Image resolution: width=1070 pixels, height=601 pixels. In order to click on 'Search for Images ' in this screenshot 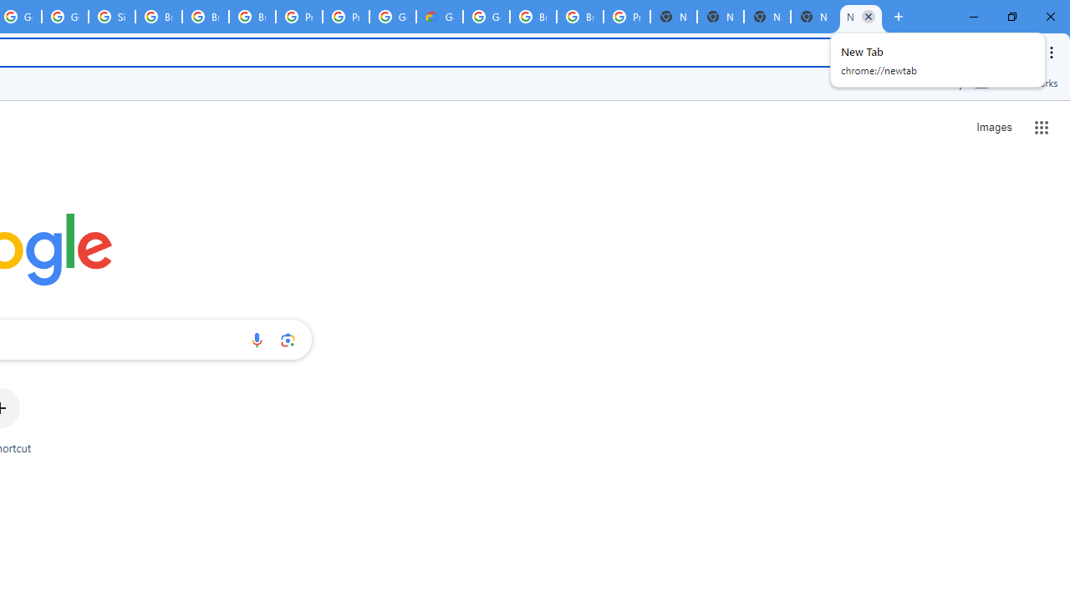, I will do `click(994, 127)`.